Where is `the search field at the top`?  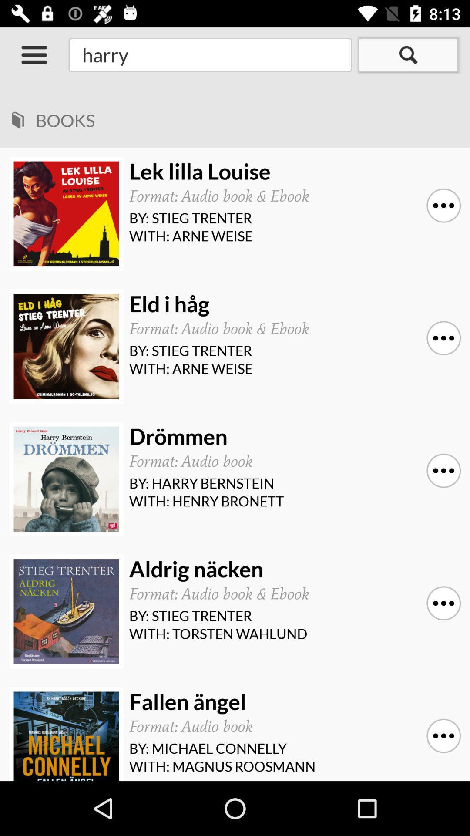
the search field at the top is located at coordinates (210, 54).